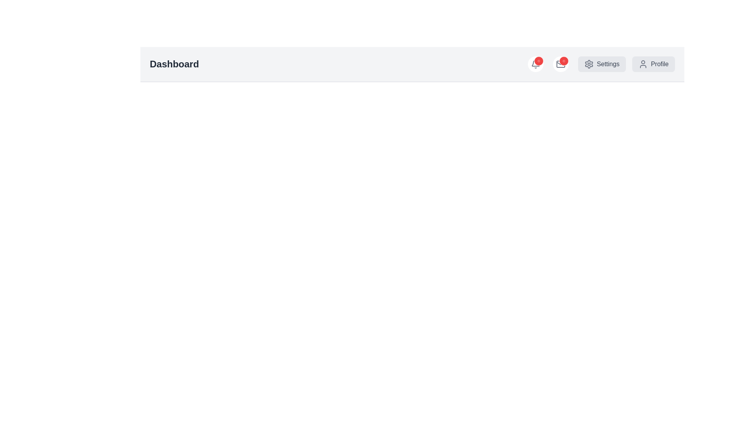 Image resolution: width=753 pixels, height=423 pixels. What do you see at coordinates (589, 64) in the screenshot?
I see `the cogwheel icon button located in the top-right portion of the interface, to the left of the 'Profile' button` at bounding box center [589, 64].